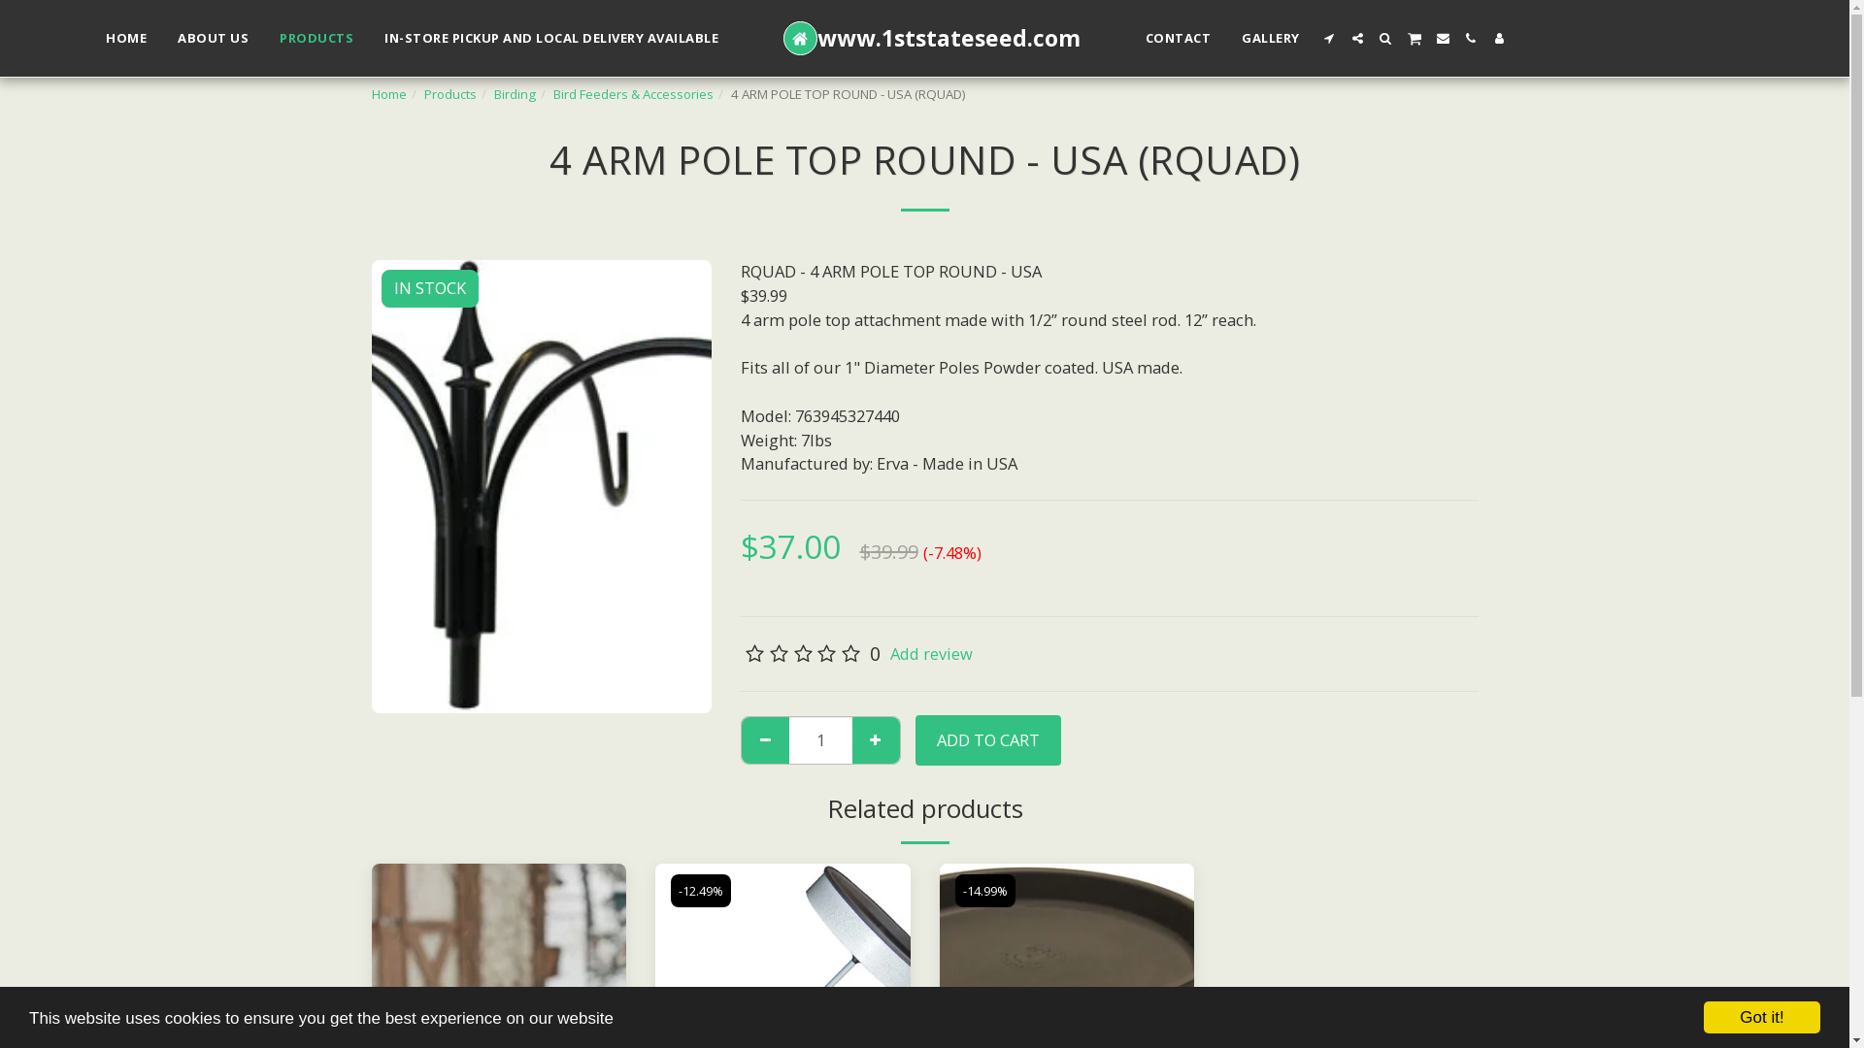 Image resolution: width=1864 pixels, height=1048 pixels. What do you see at coordinates (987, 740) in the screenshot?
I see `'ADD TO CART'` at bounding box center [987, 740].